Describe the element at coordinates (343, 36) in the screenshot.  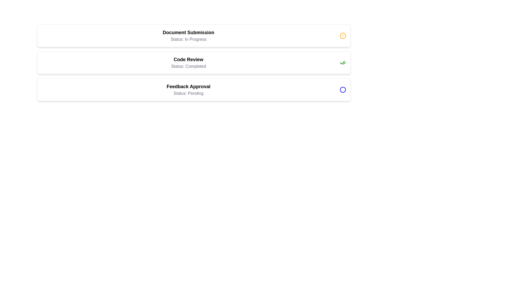
I see `the icon that serves as a visual alert for the 'Document Submission' section, located on the far right within the status card in the topmost panel` at that location.